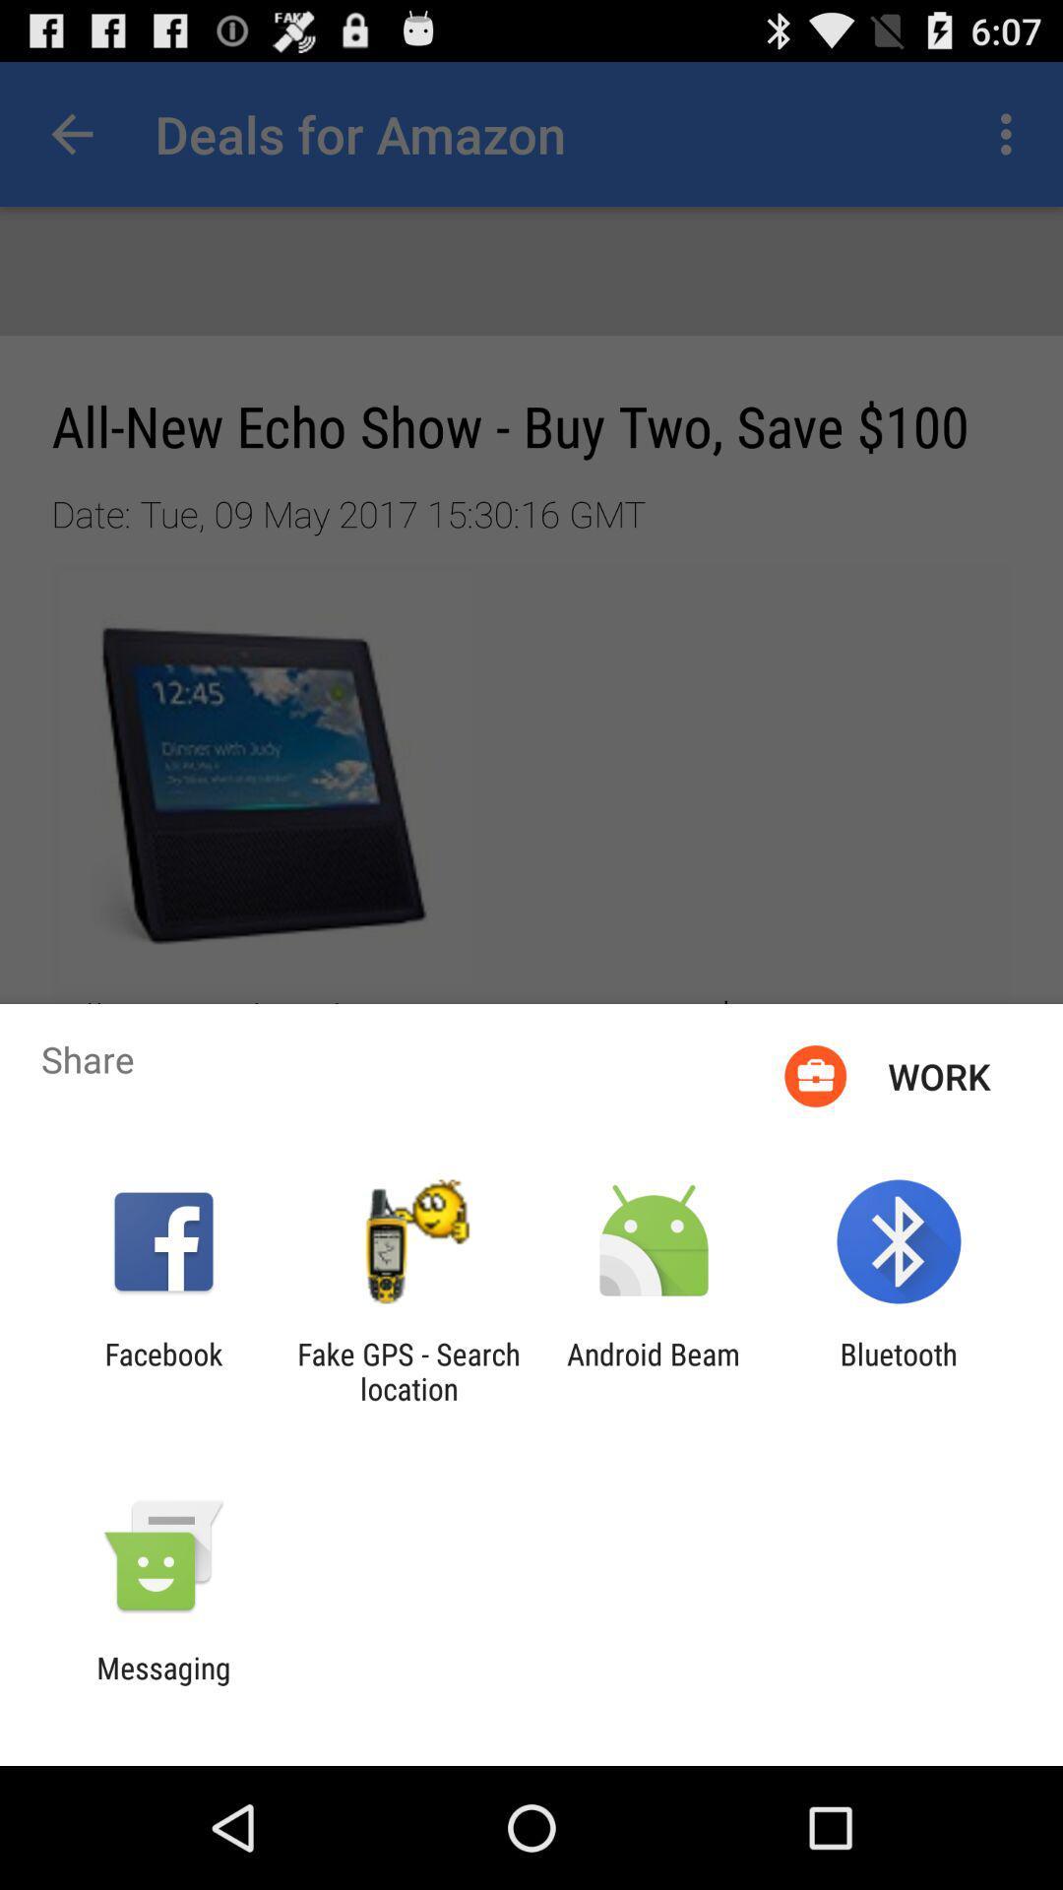  Describe the element at coordinates (162, 1370) in the screenshot. I see `the facebook icon` at that location.